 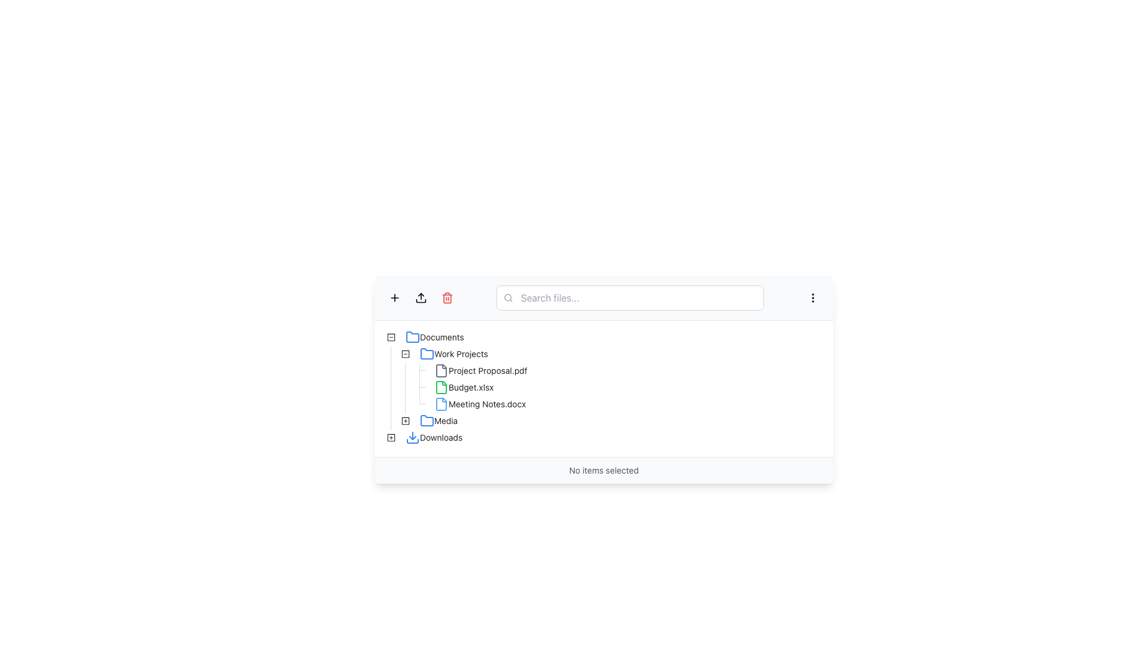 I want to click on the upload icon button, which is represented by an upward-facing arrow on a rectangular base, located at the top-left corner of the interaction bar within the file explorer interface, to initiate file upload, so click(x=421, y=297).